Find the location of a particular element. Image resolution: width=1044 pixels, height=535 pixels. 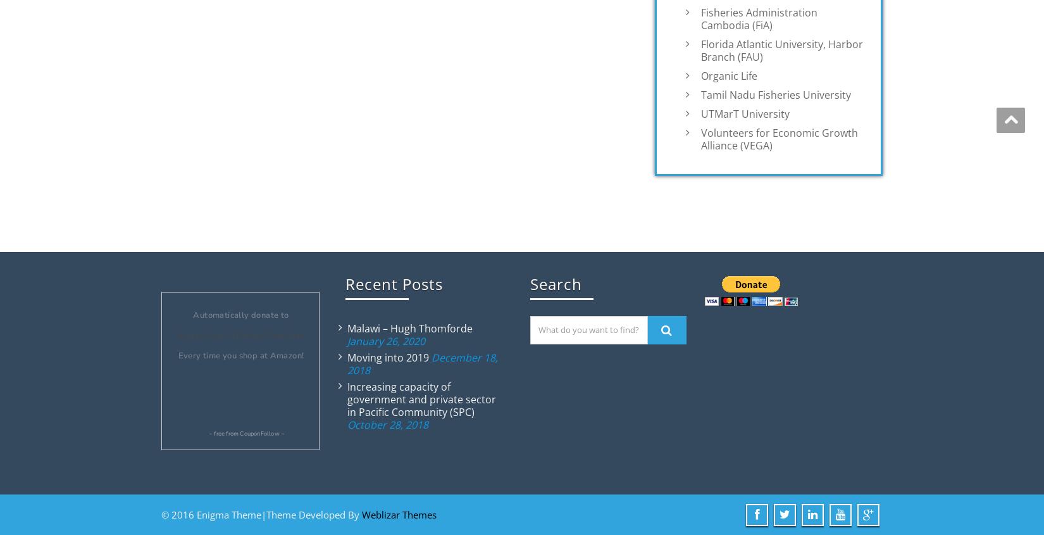

'Fisheries Administration Cambodia (FiA)' is located at coordinates (759, 17).